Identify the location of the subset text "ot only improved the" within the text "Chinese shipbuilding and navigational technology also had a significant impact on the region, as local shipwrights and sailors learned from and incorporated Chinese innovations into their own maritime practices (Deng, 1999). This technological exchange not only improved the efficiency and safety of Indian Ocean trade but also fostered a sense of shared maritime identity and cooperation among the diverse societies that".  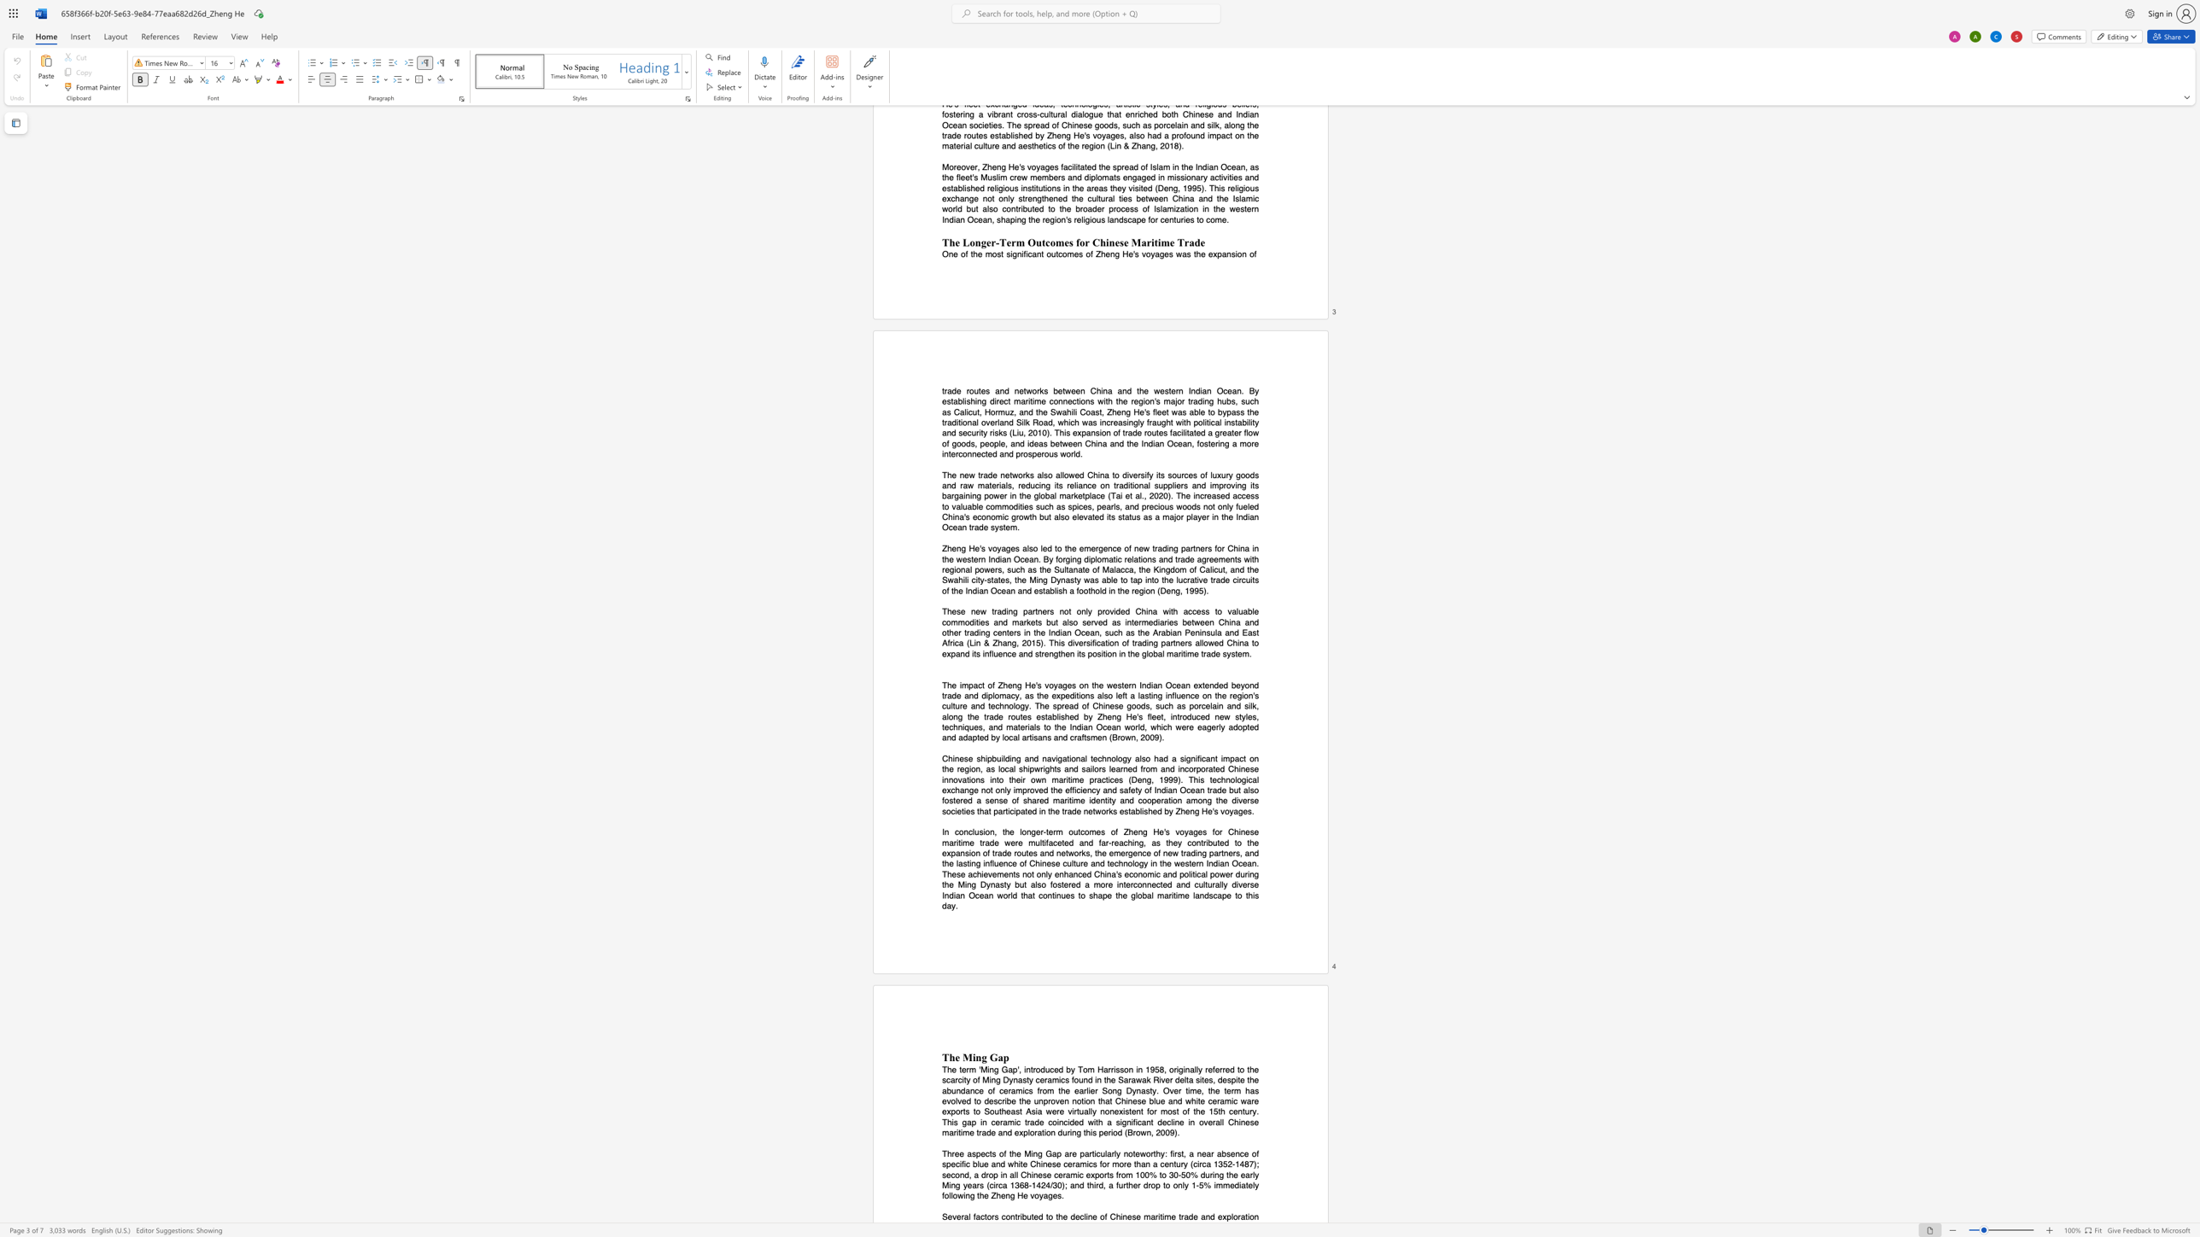
(985, 789).